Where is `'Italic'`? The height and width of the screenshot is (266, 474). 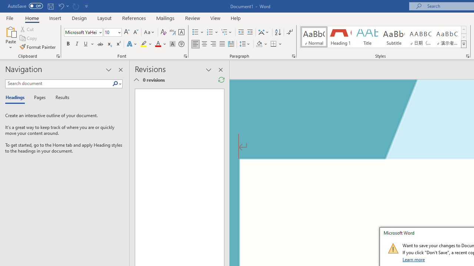 'Italic' is located at coordinates (77, 44).